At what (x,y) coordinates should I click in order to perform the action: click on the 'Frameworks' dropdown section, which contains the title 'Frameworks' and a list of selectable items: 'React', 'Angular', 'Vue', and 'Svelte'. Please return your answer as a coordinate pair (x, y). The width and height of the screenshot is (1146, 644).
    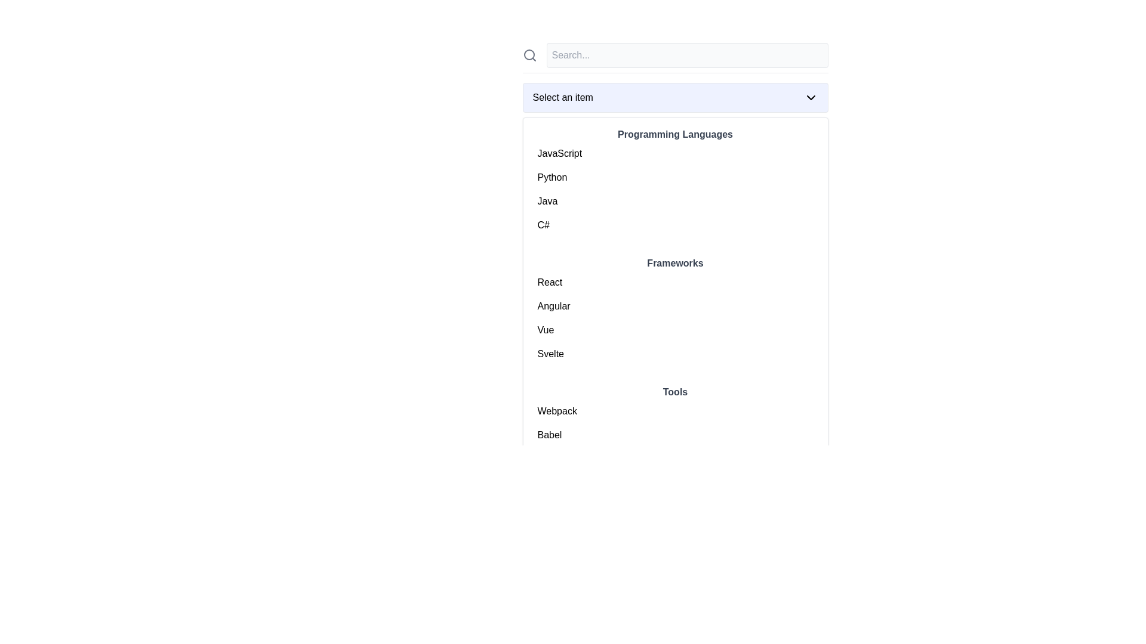
    Looking at the image, I should click on (675, 310).